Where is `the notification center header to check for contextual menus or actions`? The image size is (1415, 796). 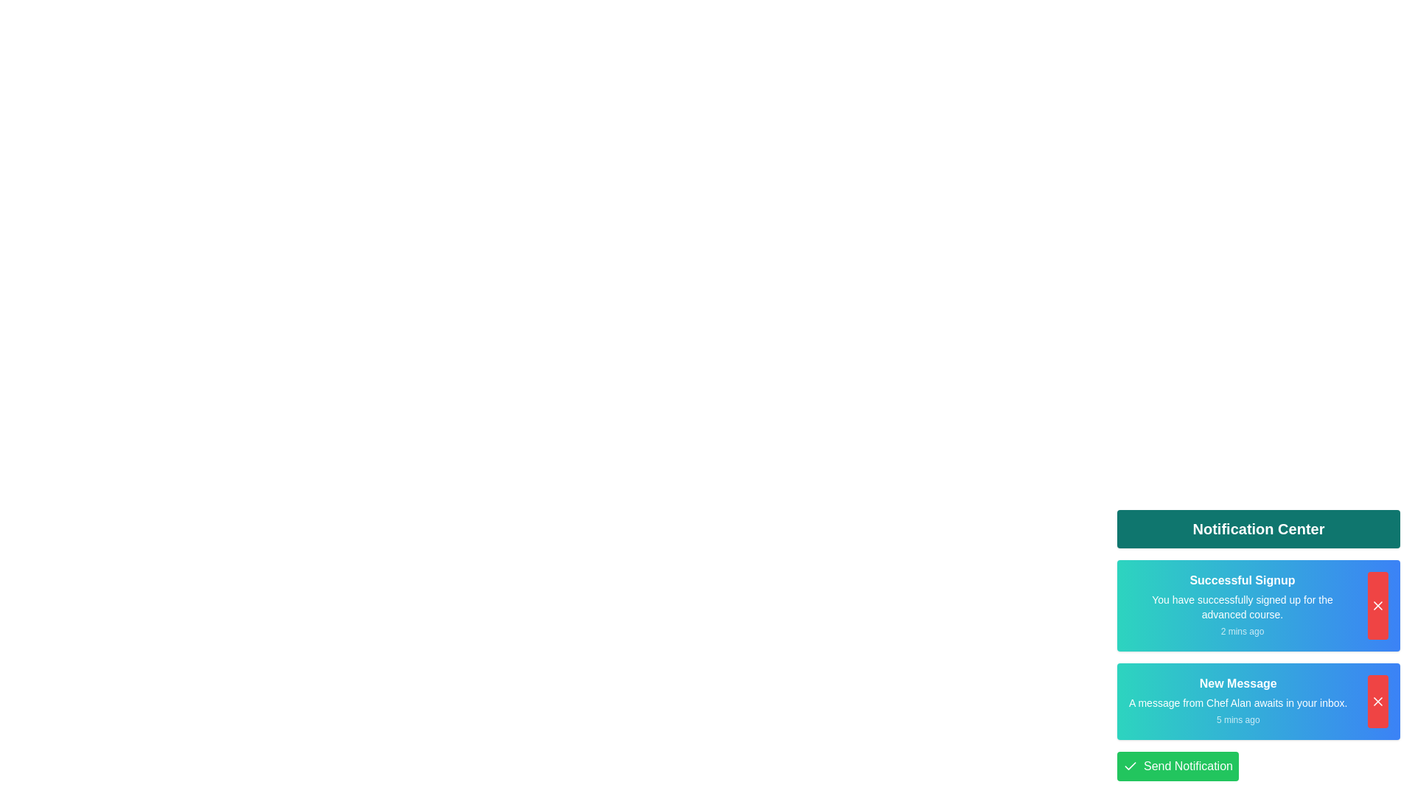 the notification center header to check for contextual menus or actions is located at coordinates (1258, 528).